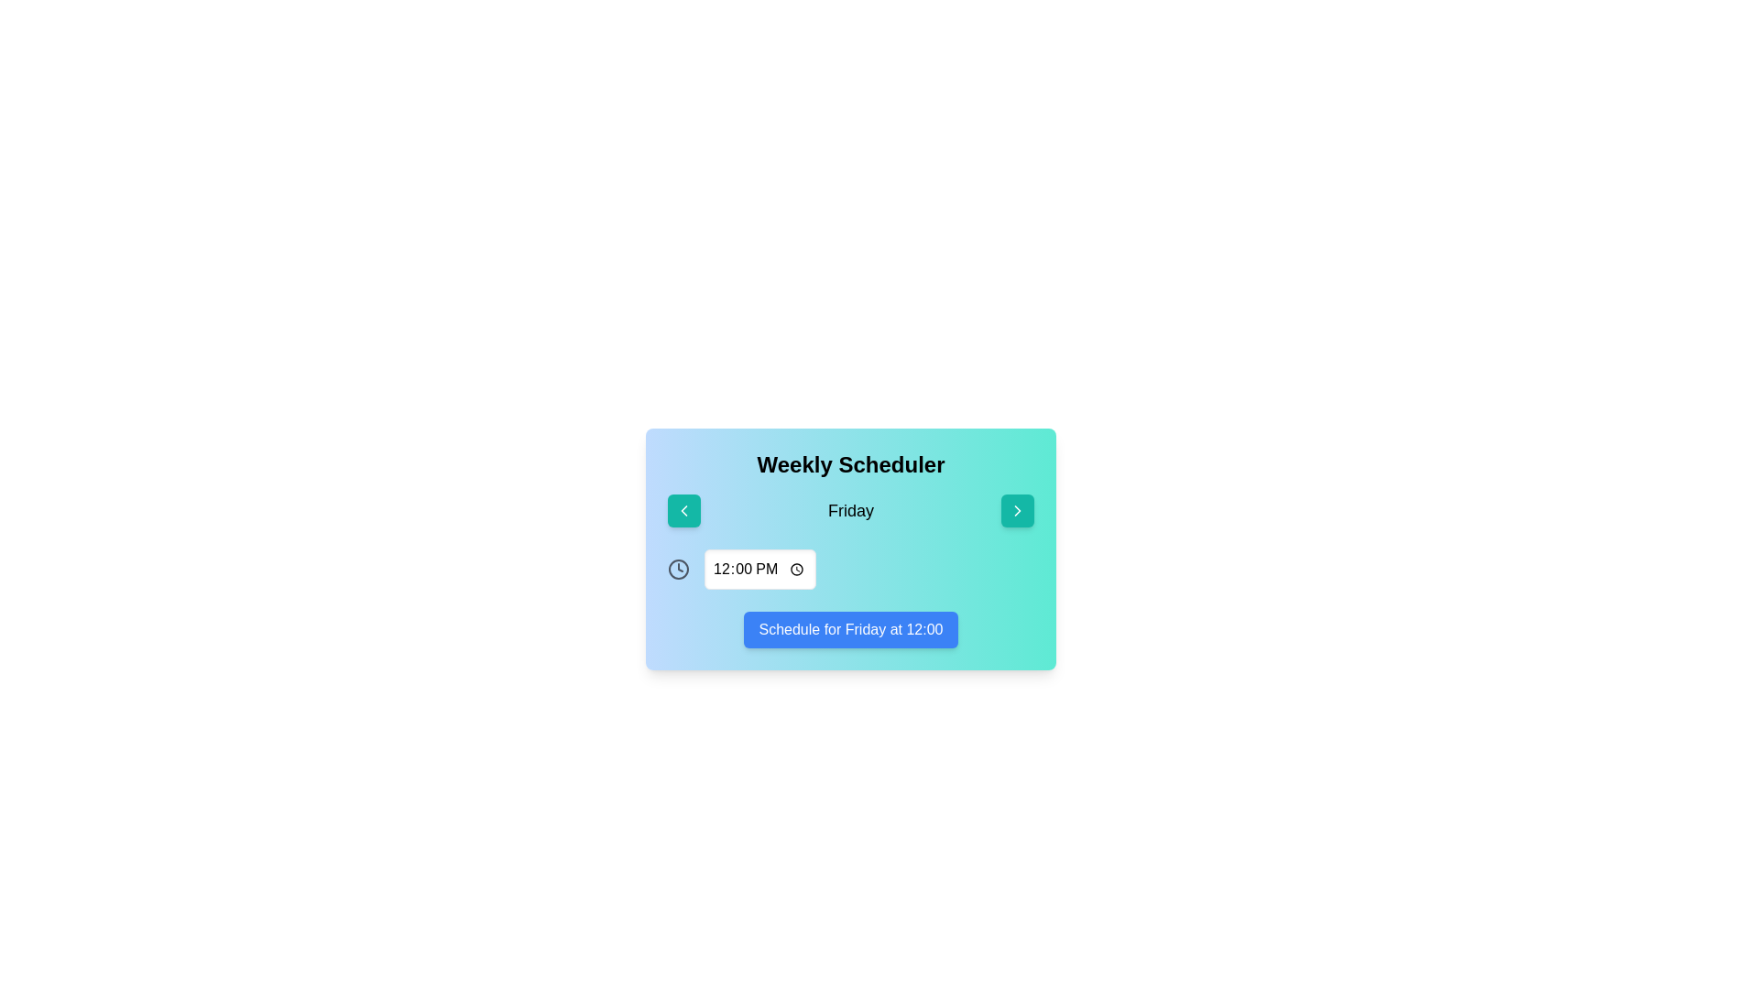  What do you see at coordinates (759, 568) in the screenshot?
I see `the Time input field that displays '12:00 PM' and is located to the right of a clock icon under the 'Weekly Scheduler' header` at bounding box center [759, 568].